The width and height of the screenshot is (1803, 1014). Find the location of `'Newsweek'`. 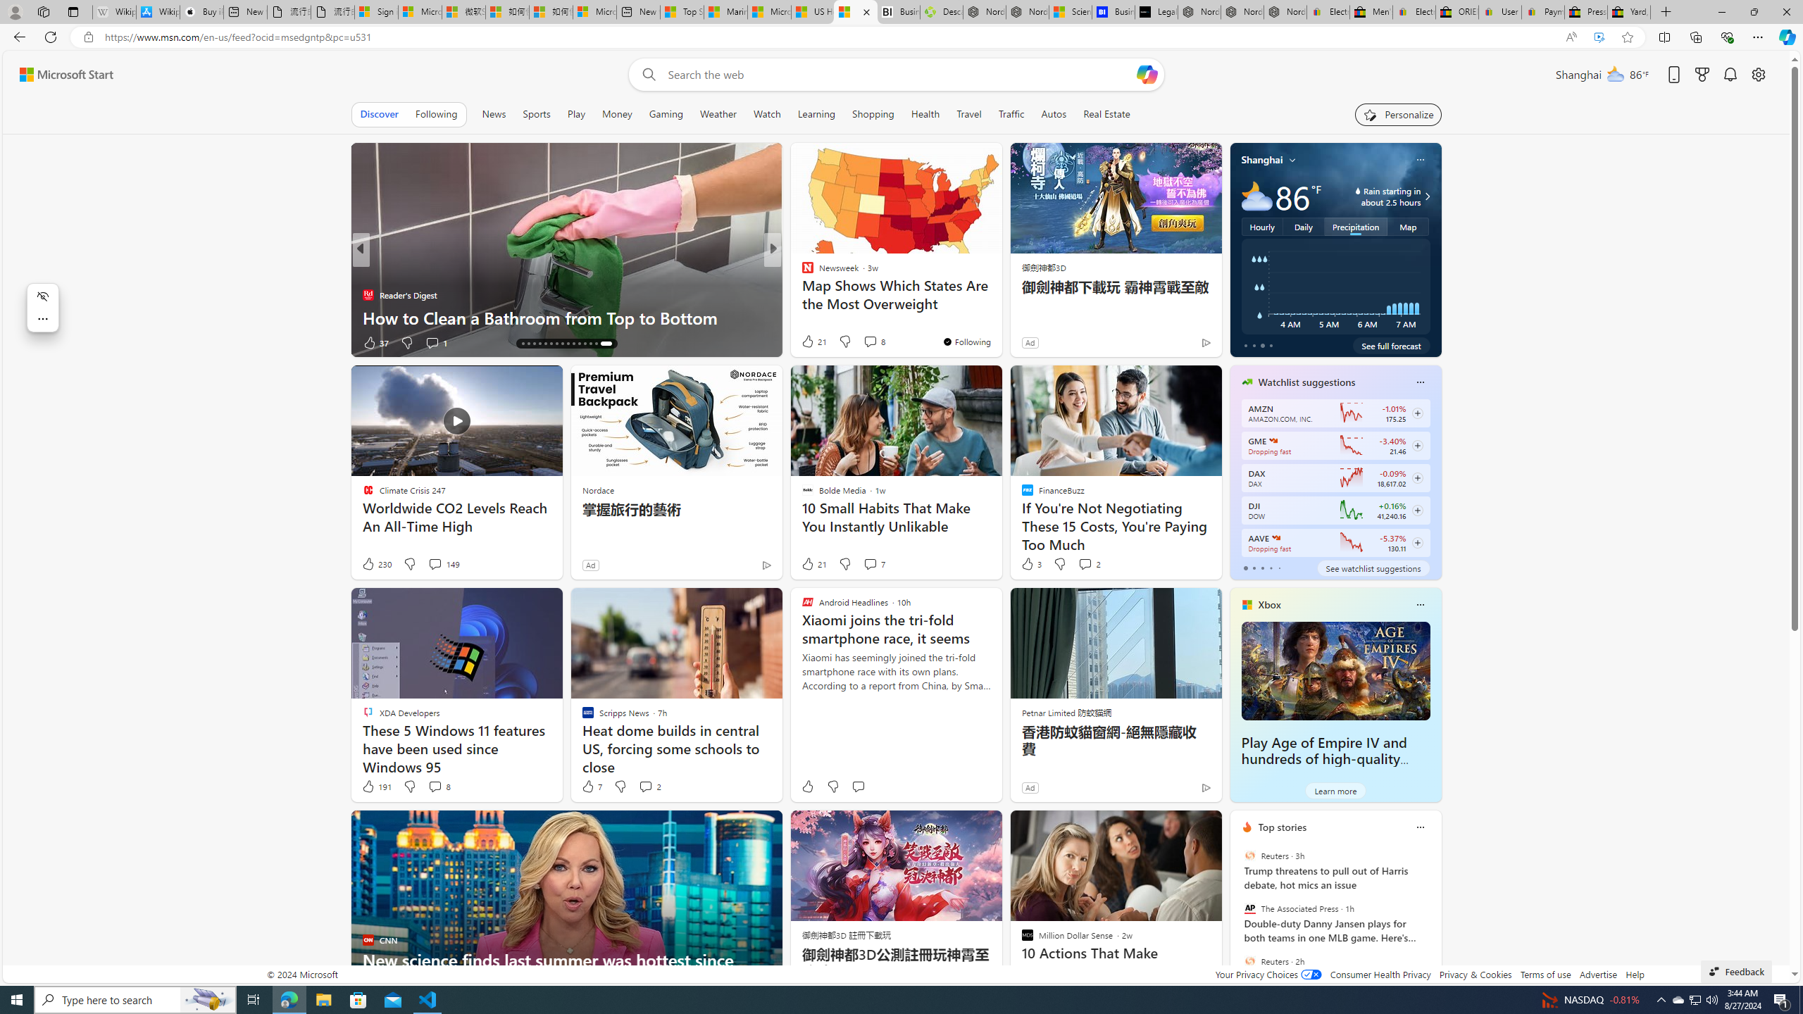

'Newsweek' is located at coordinates (801, 272).